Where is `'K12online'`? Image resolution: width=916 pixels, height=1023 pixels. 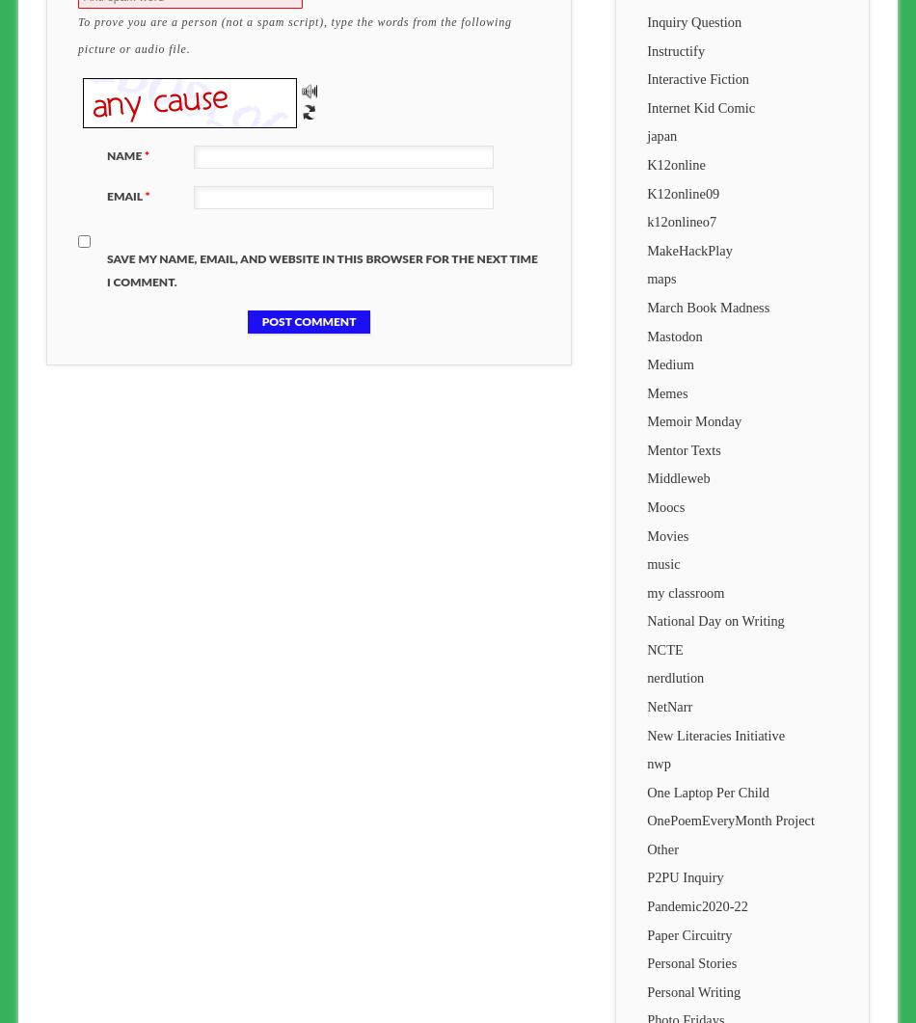 'K12online' is located at coordinates (646, 165).